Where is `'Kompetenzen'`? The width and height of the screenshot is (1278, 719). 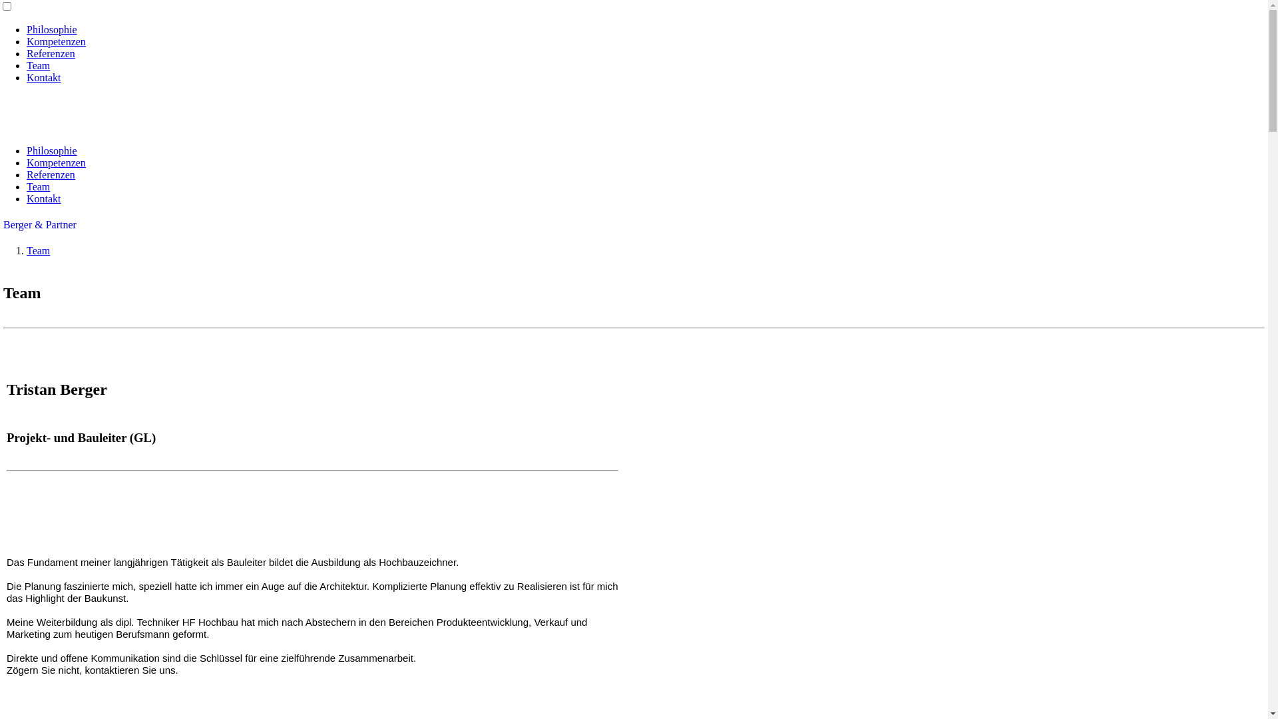 'Kompetenzen' is located at coordinates (55, 41).